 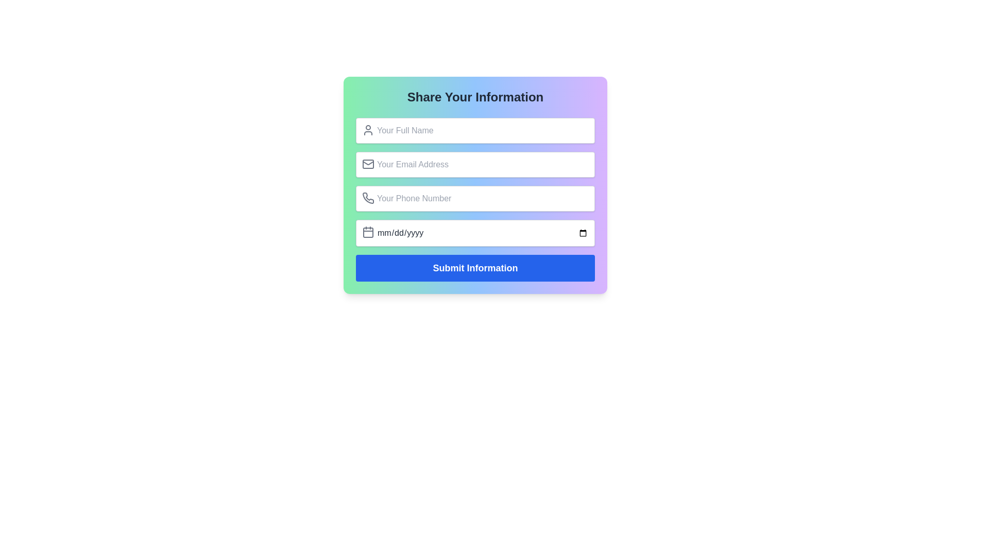 What do you see at coordinates (474, 233) in the screenshot?
I see `the Date Input Field, which is the fourth field in a vertical series of fields within a form, to type a date in the format mm/dd/yyyy` at bounding box center [474, 233].